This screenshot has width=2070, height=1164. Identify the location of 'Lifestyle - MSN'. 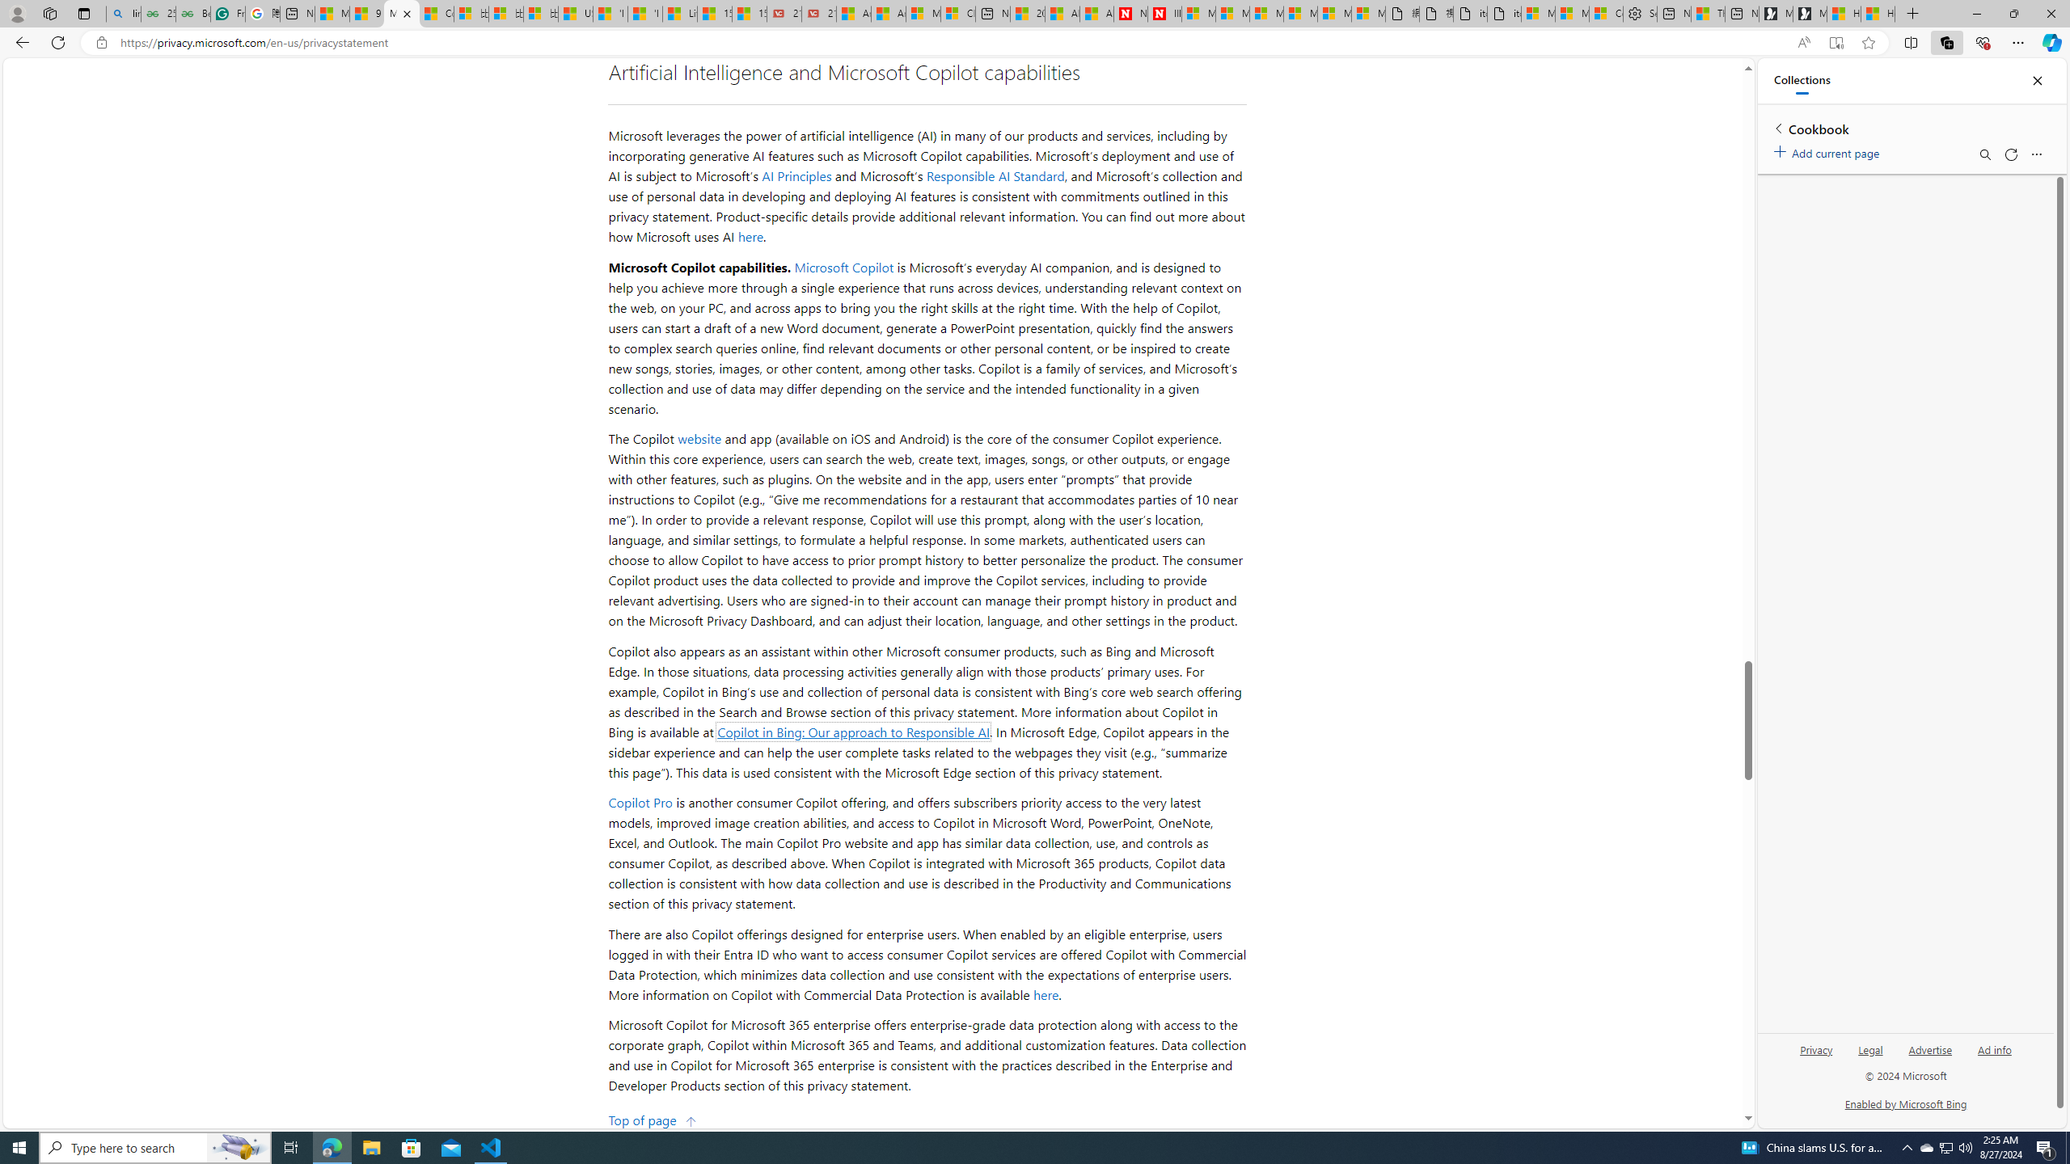
(678, 13).